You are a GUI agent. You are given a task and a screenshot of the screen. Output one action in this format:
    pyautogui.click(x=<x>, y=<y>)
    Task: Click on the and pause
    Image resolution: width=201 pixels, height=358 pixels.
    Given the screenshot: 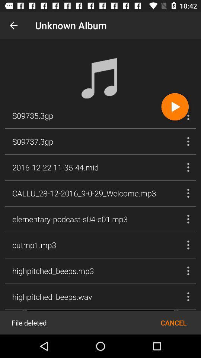 What is the action you would take?
    pyautogui.click(x=175, y=106)
    